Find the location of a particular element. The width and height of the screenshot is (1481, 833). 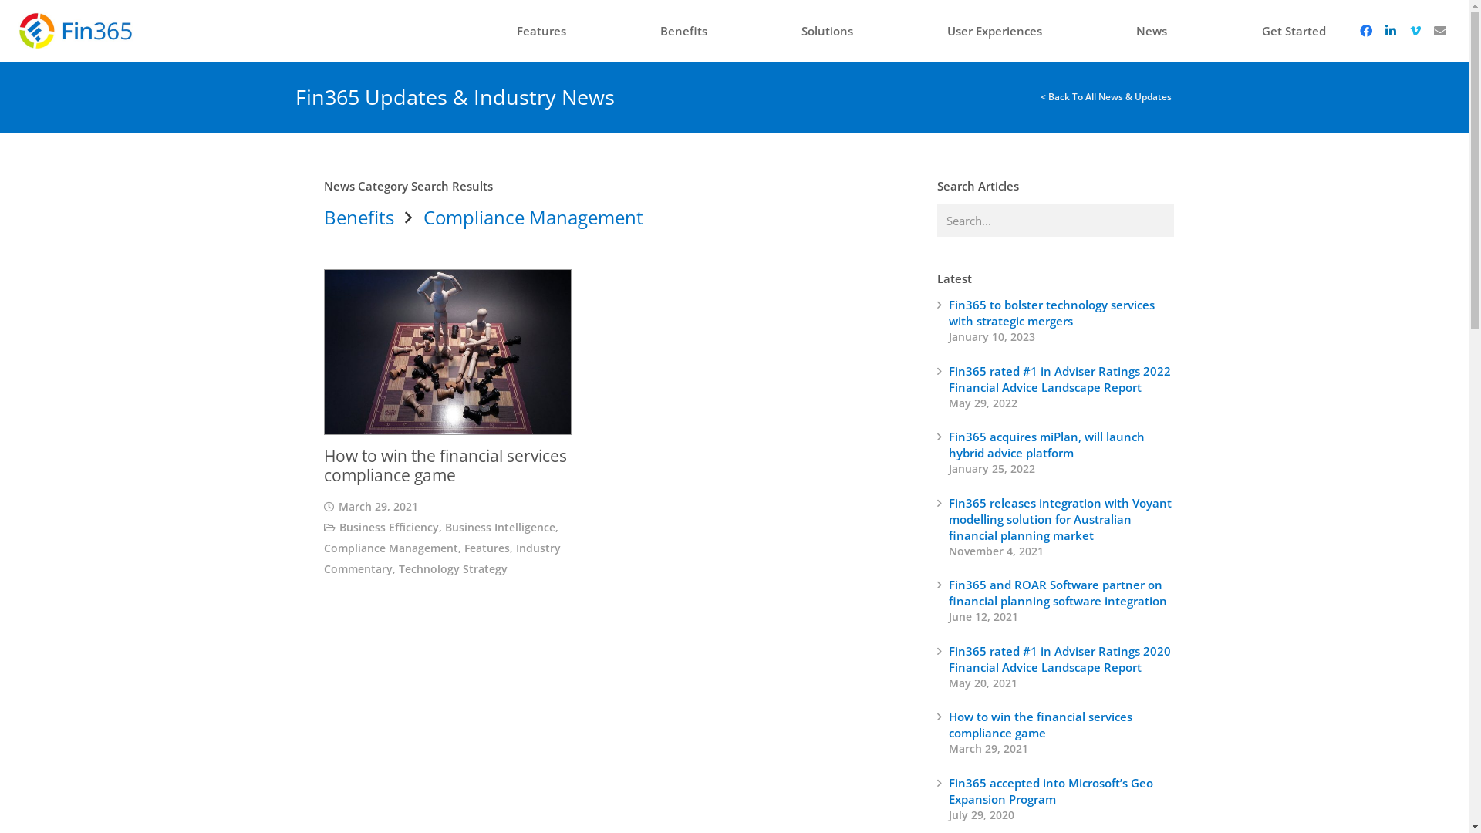

'Compliance Management' is located at coordinates (533, 217).